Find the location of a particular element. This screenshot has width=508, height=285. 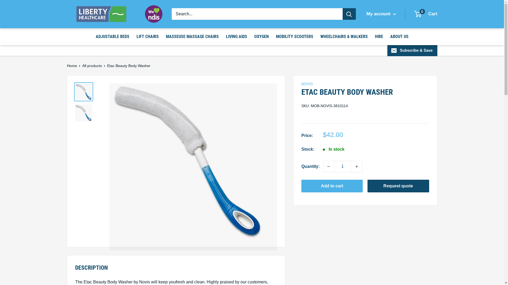

'Registered NDIS Provider' is located at coordinates (153, 14).